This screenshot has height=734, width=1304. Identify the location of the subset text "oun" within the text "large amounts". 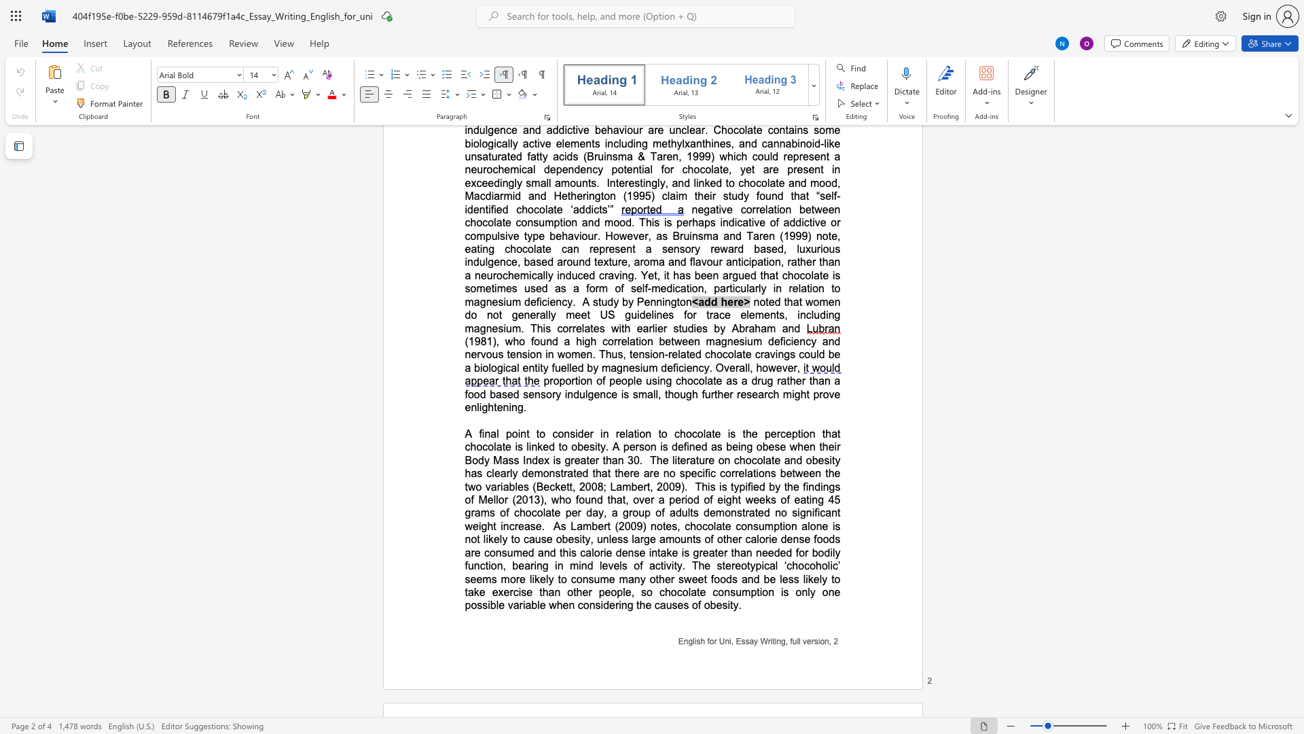
(674, 538).